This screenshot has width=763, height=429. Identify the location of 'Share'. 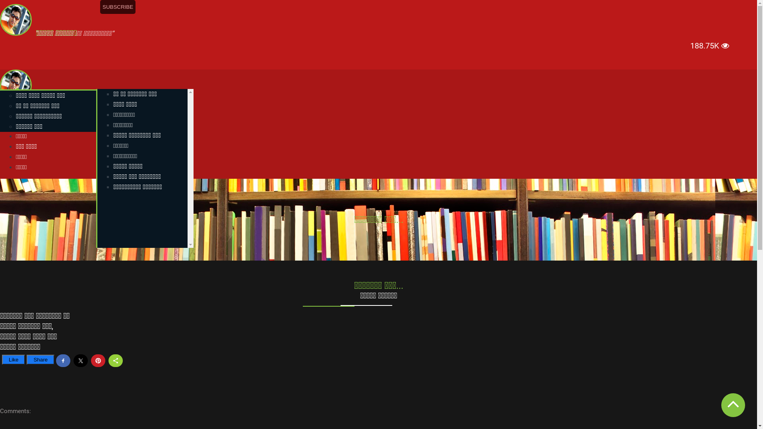
(40, 359).